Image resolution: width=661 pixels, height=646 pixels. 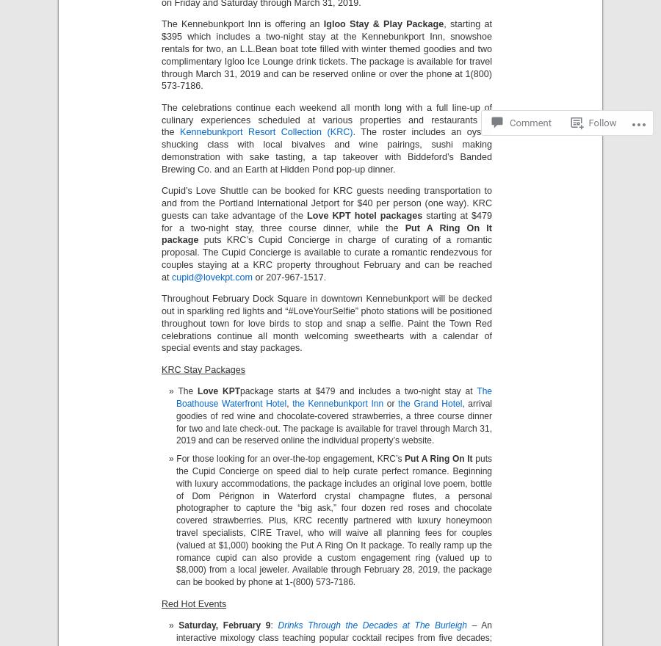 What do you see at coordinates (387, 215) in the screenshot?
I see `'hotel packages'` at bounding box center [387, 215].